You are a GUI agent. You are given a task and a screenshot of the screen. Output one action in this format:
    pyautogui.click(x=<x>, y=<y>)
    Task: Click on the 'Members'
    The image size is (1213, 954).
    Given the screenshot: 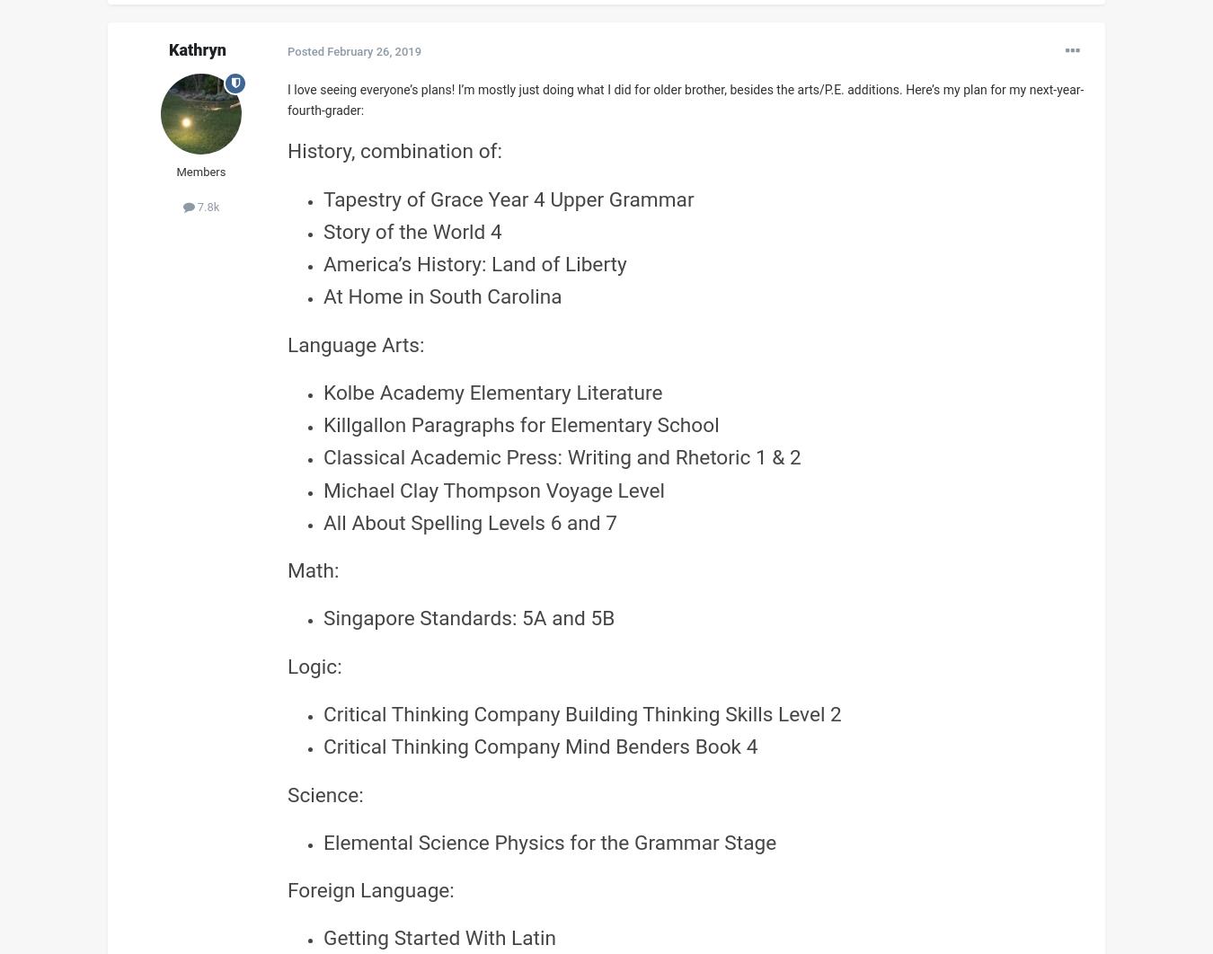 What is the action you would take?
    pyautogui.click(x=200, y=171)
    